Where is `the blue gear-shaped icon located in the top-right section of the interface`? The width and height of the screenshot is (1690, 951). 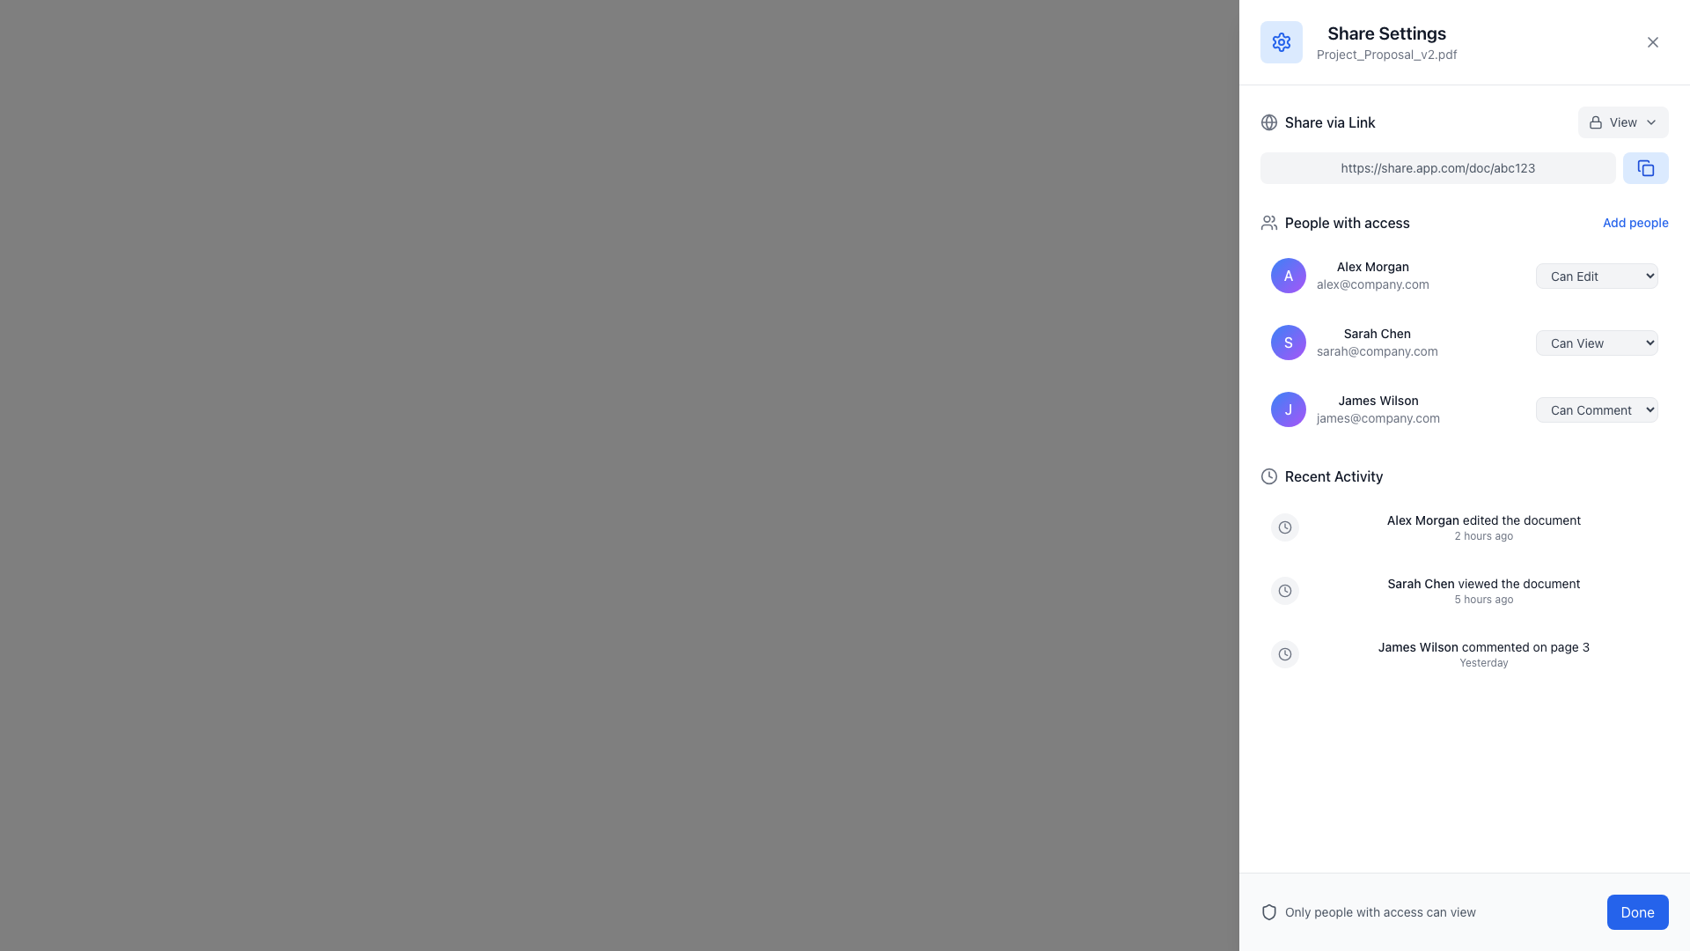
the blue gear-shaped icon located in the top-right section of the interface is located at coordinates (1281, 41).